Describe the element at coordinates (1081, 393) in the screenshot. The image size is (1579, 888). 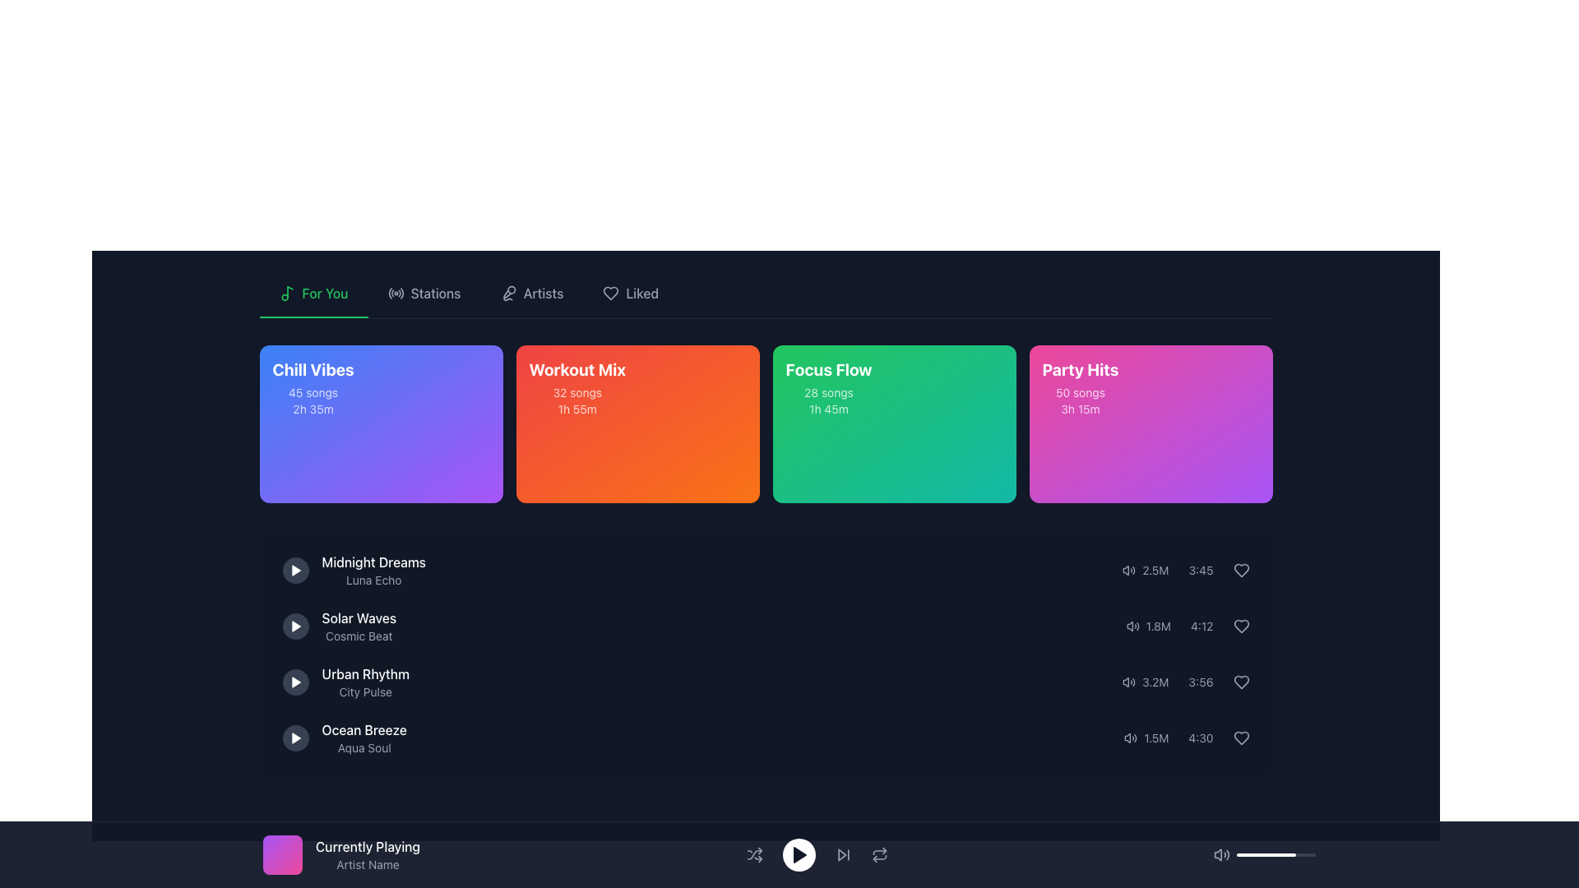
I see `the informational static text label indicating the number of songs available in the music playlist, located below the 'Party Hits' label and above the duration label '3h 15m'` at that location.